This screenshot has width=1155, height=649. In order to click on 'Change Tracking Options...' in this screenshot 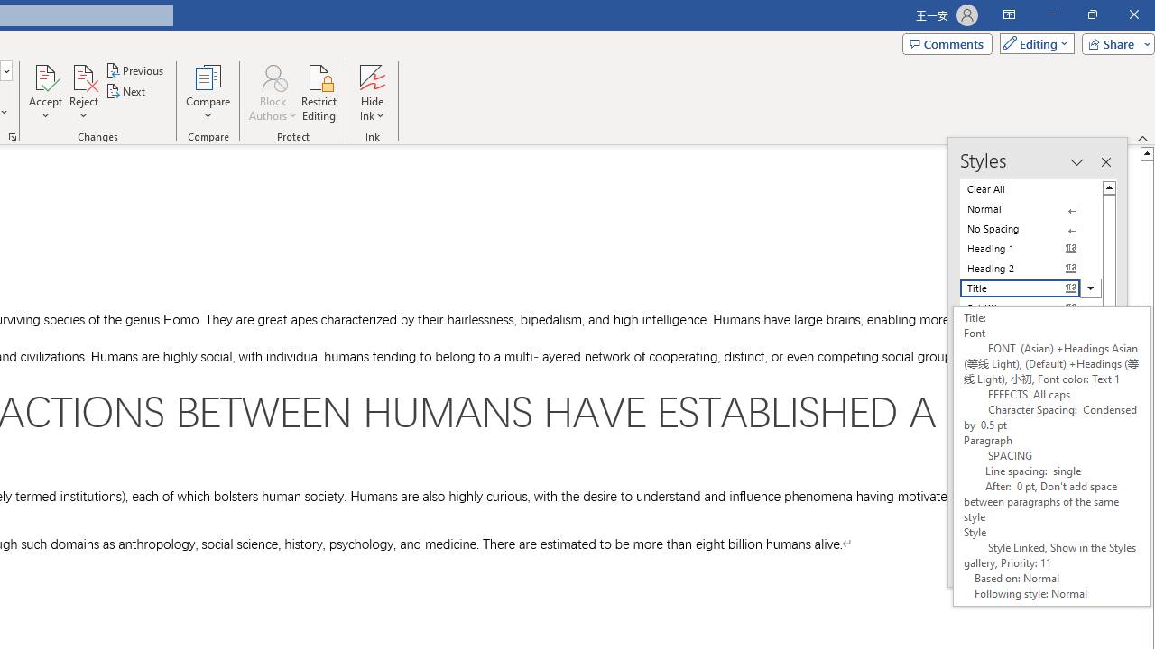, I will do `click(13, 135)`.